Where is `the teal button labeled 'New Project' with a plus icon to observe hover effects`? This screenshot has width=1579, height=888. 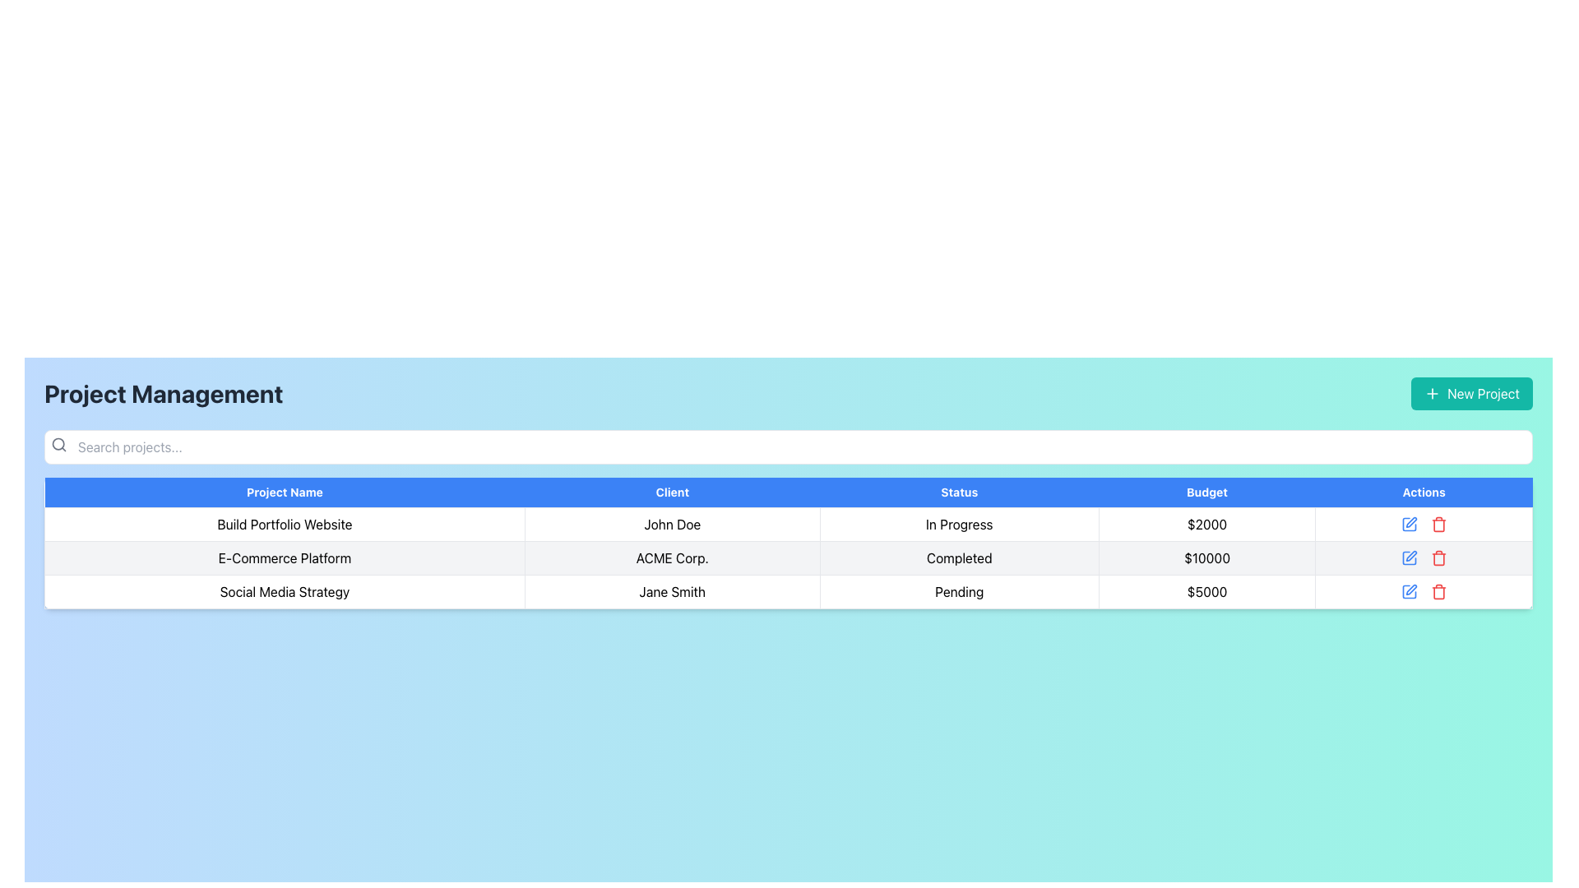
the teal button labeled 'New Project' with a plus icon to observe hover effects is located at coordinates (1472, 393).